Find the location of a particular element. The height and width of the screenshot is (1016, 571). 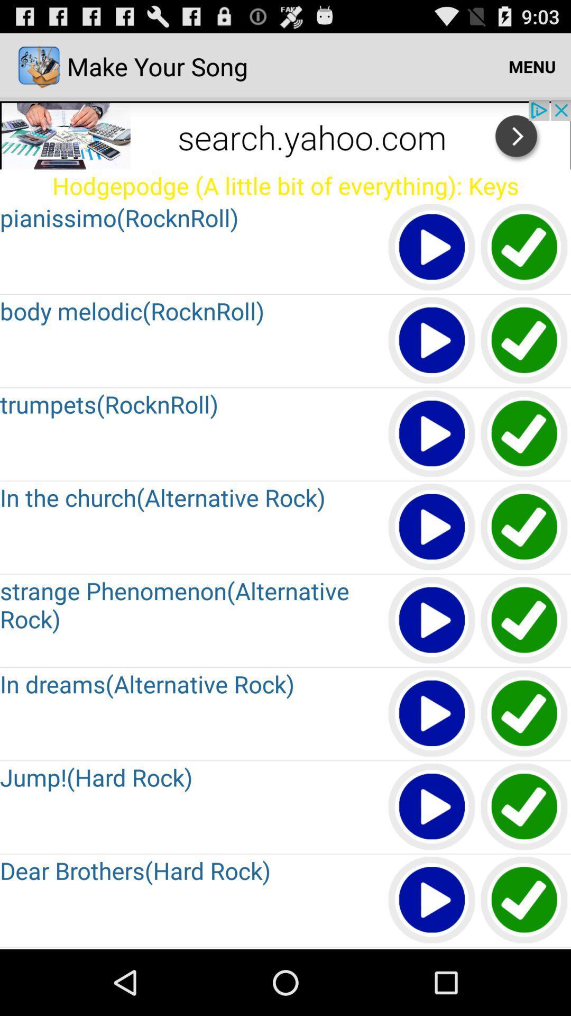

botton is located at coordinates (524, 341).